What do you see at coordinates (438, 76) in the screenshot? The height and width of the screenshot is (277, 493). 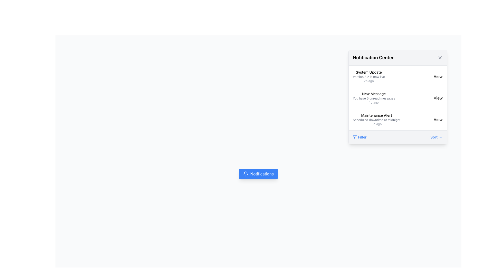 I see `the 'View' text label located at the right end of the 'System Update' notification in the Notification Center` at bounding box center [438, 76].